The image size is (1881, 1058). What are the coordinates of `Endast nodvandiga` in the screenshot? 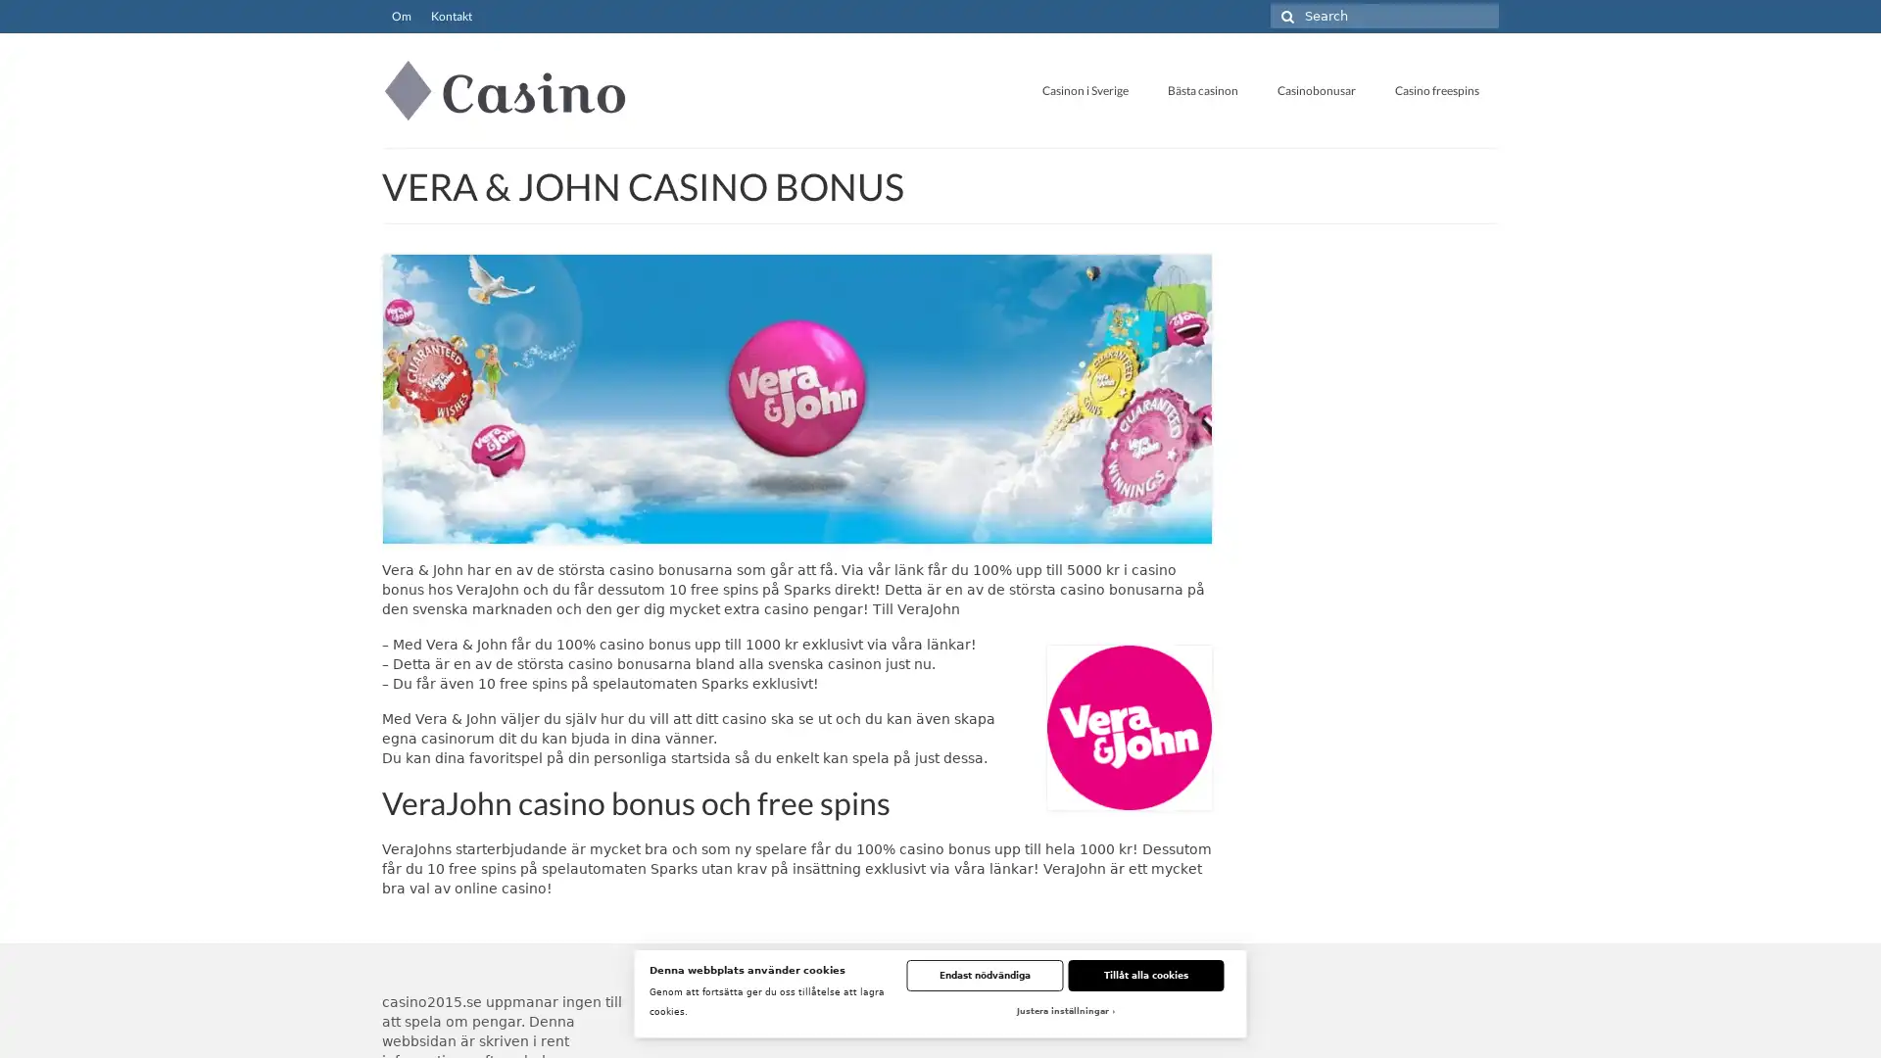 It's located at (984, 975).